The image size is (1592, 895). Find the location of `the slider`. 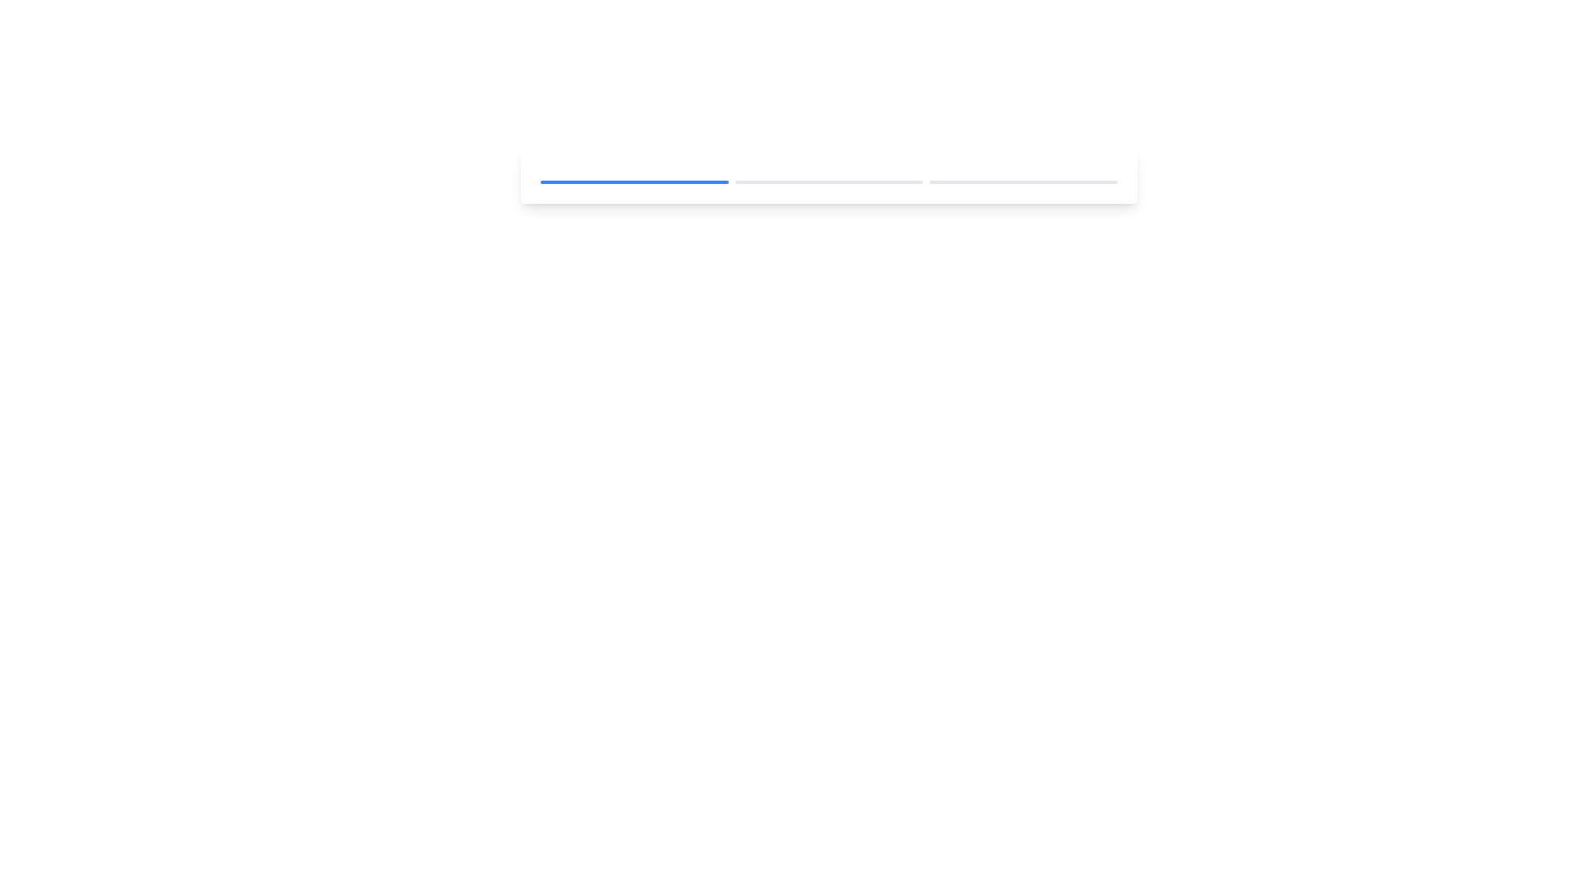

the slider is located at coordinates (857, 181).